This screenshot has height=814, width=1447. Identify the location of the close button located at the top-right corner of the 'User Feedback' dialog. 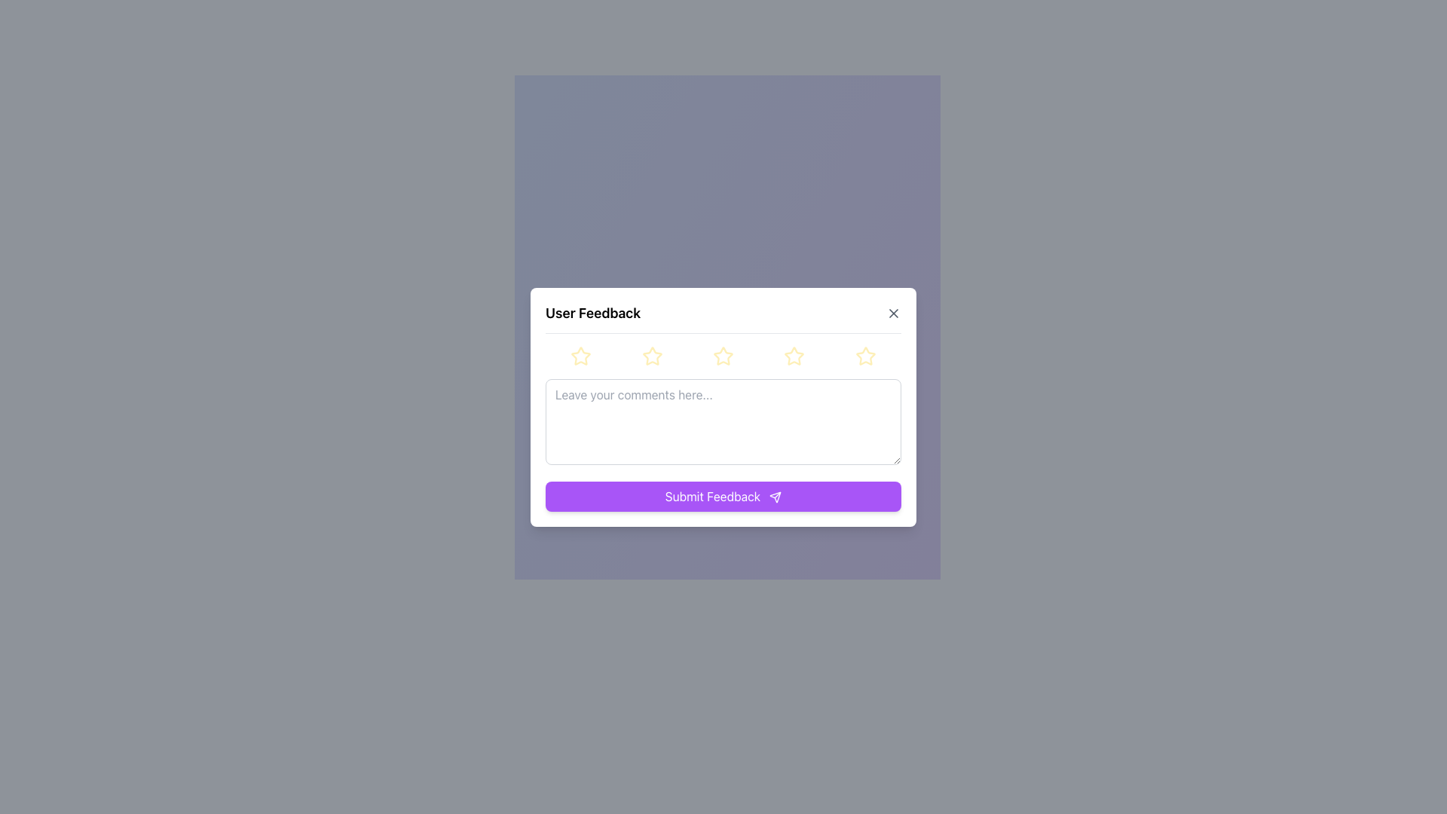
(893, 312).